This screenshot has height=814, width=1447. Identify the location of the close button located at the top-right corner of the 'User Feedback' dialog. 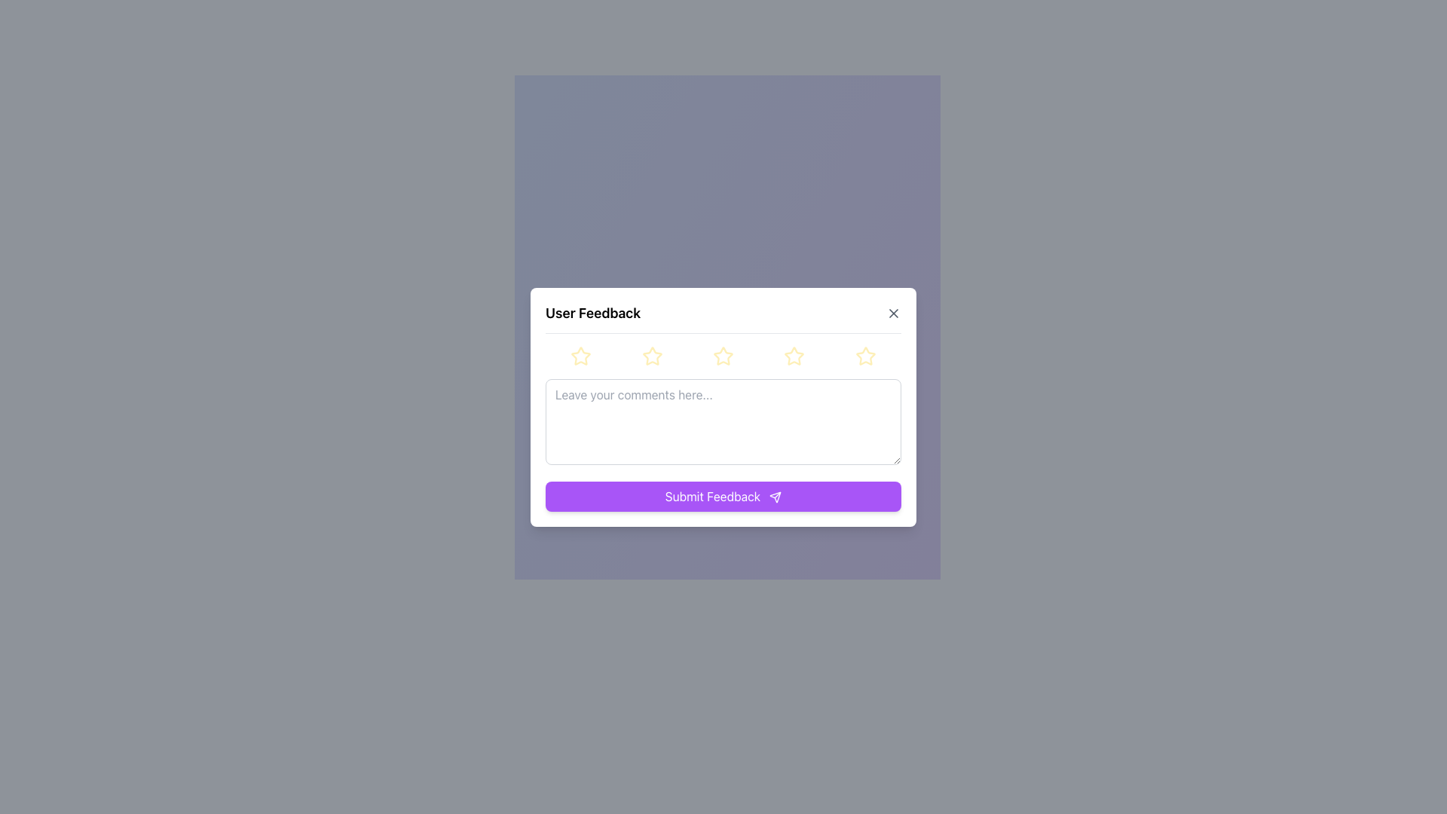
(893, 312).